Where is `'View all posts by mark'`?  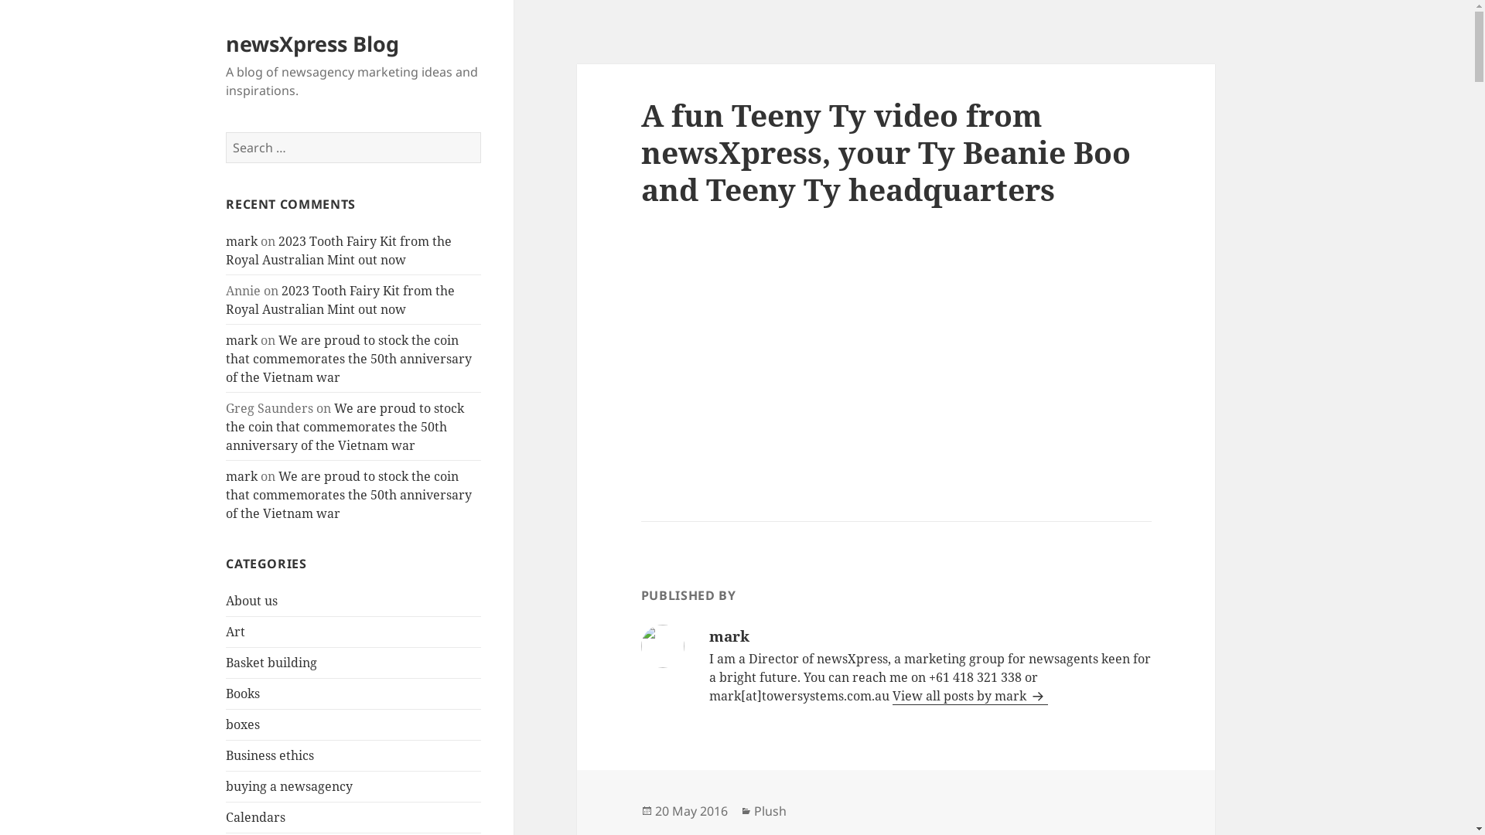 'View all posts by mark' is located at coordinates (892, 696).